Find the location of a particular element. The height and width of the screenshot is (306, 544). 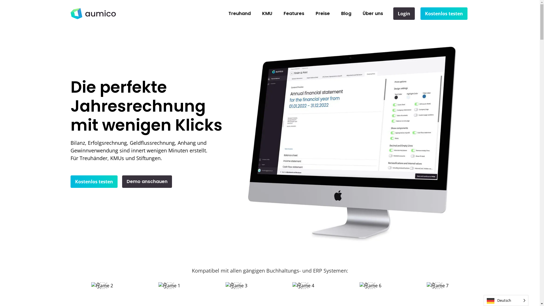

'KMU' is located at coordinates (267, 13).